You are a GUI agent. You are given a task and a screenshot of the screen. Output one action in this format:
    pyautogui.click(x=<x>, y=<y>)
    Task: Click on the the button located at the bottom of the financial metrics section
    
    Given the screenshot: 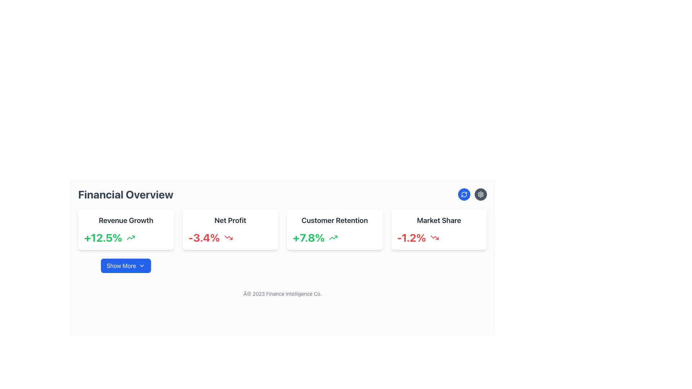 What is the action you would take?
    pyautogui.click(x=126, y=265)
    